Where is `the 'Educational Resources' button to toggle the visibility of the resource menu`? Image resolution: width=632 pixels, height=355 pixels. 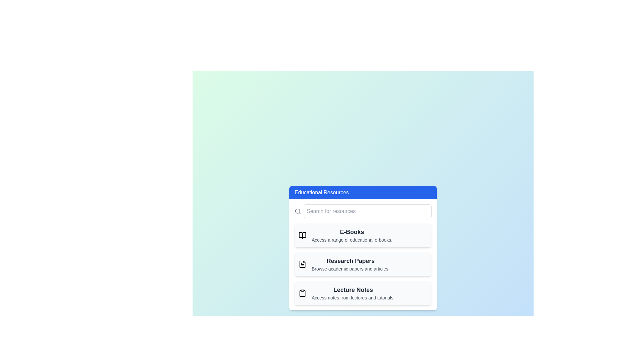 the 'Educational Resources' button to toggle the visibility of the resource menu is located at coordinates (363, 192).